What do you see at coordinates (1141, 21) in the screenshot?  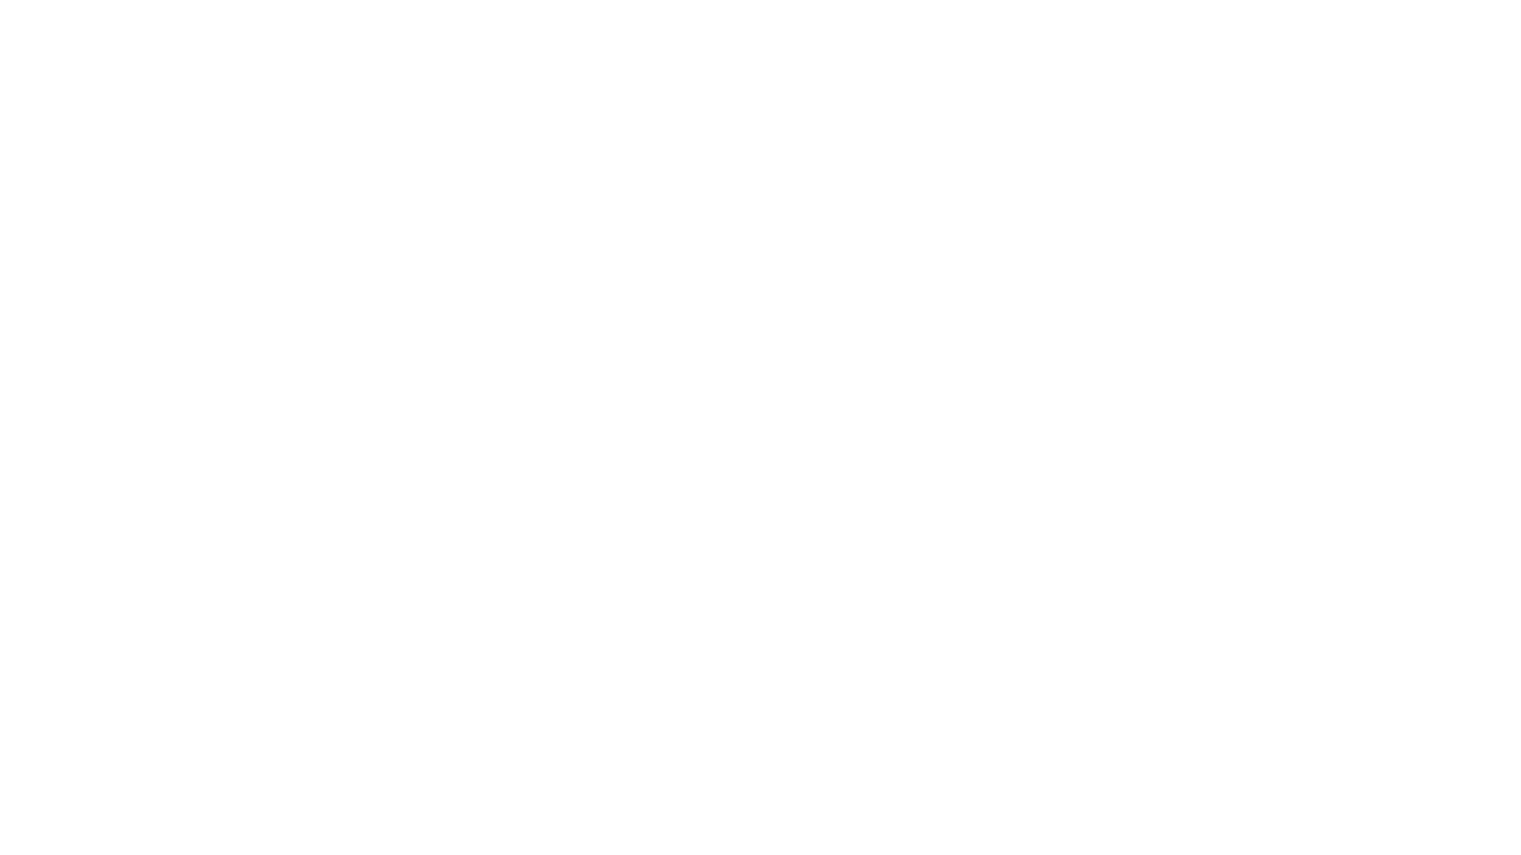 I see `Toggle Speed: Current Speed 1x` at bounding box center [1141, 21].